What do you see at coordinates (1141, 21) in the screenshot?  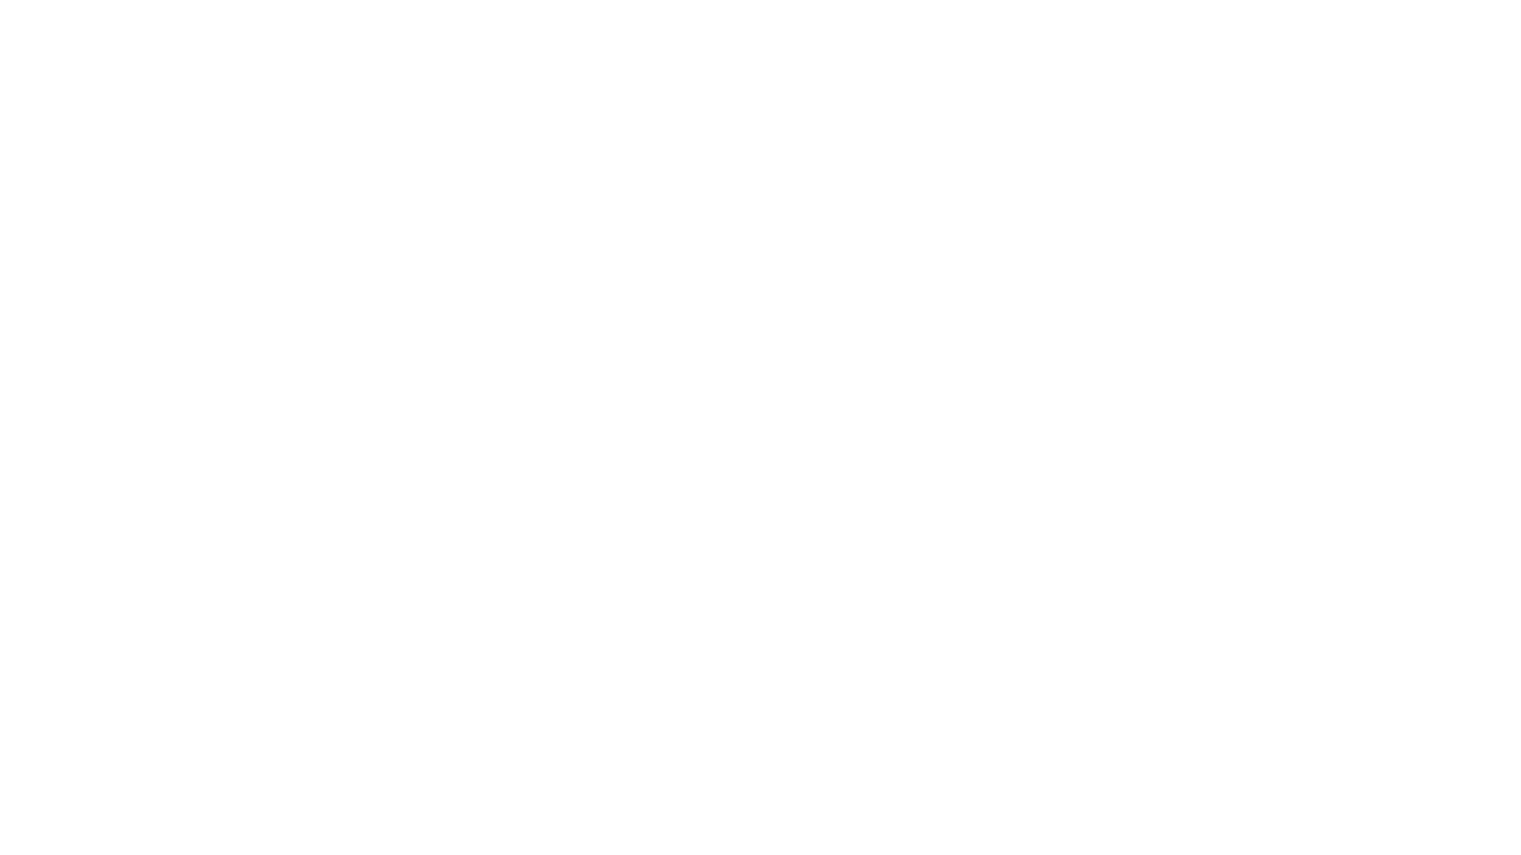 I see `Toggle Speed: Current Speed 1x` at bounding box center [1141, 21].